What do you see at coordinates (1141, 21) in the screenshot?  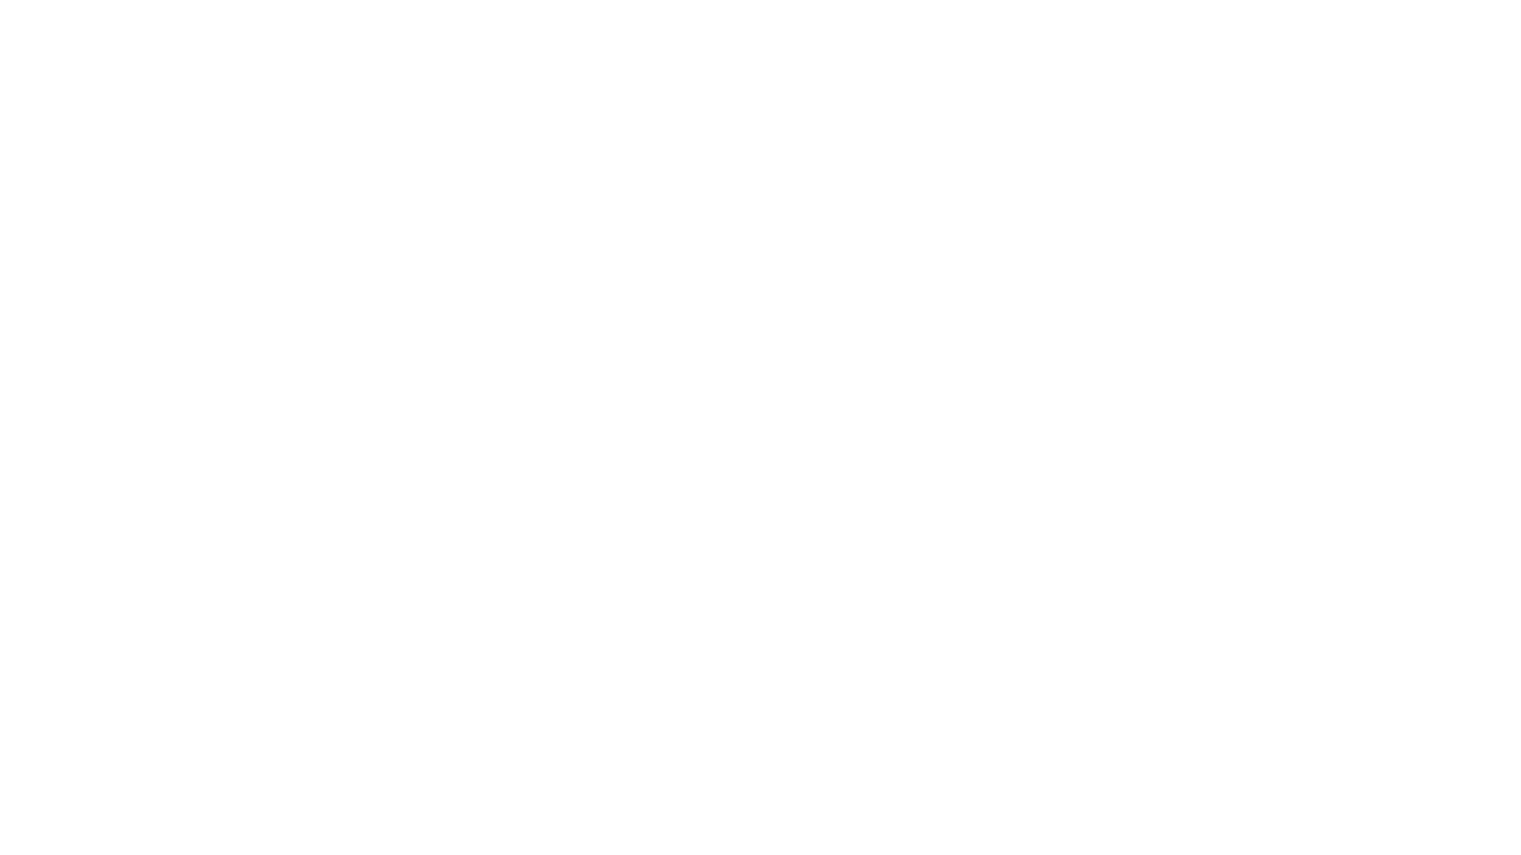 I see `Toggle Speed: Current Speed 1x` at bounding box center [1141, 21].